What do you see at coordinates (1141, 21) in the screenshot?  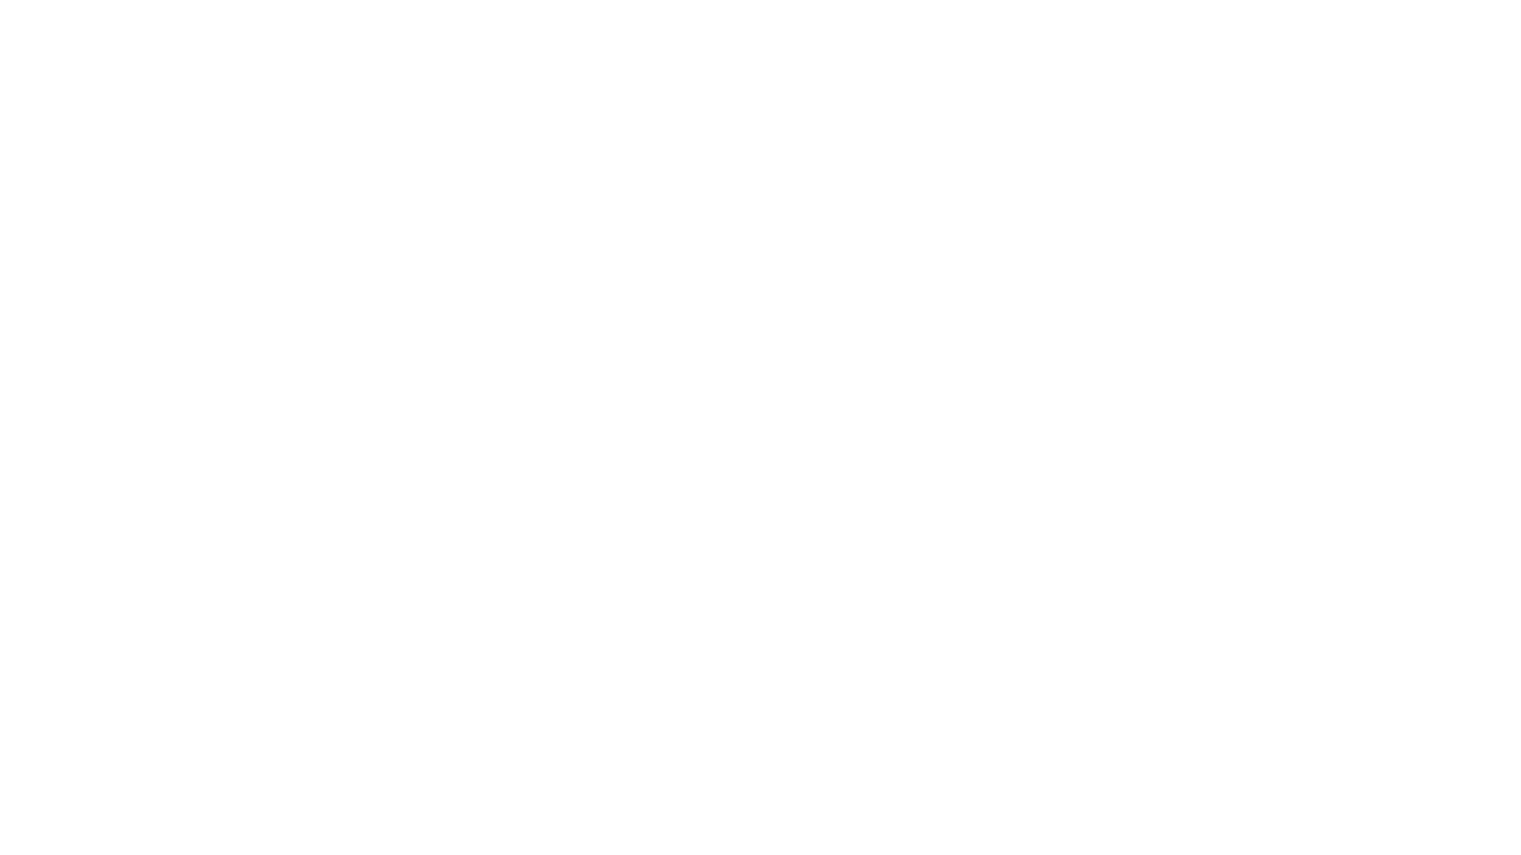 I see `Toggle Speed: Current Speed 1x` at bounding box center [1141, 21].